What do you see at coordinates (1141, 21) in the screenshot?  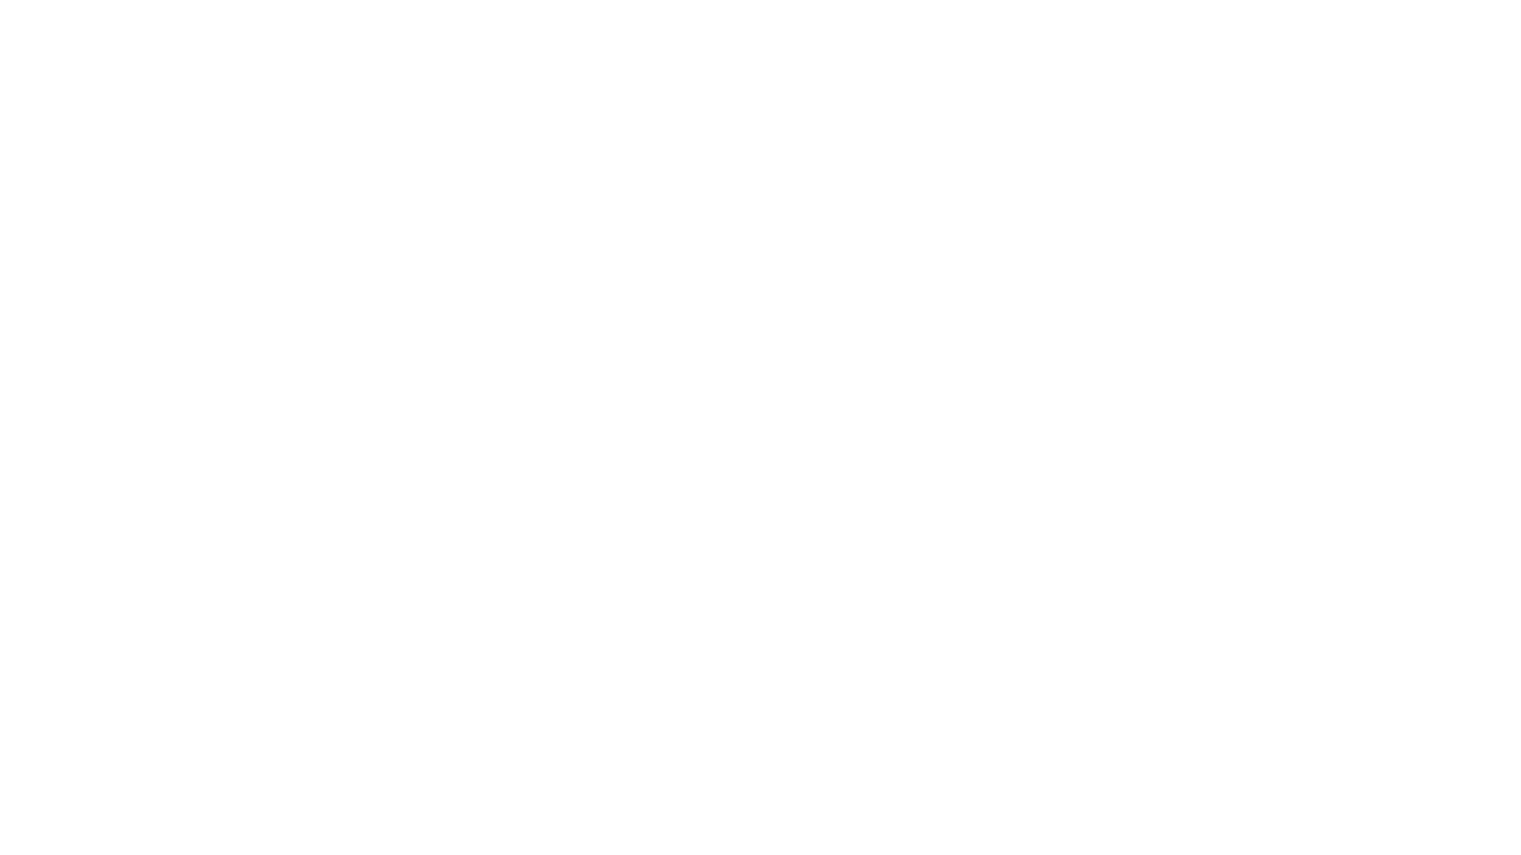 I see `Toggle Speed: Current Speed 1x` at bounding box center [1141, 21].